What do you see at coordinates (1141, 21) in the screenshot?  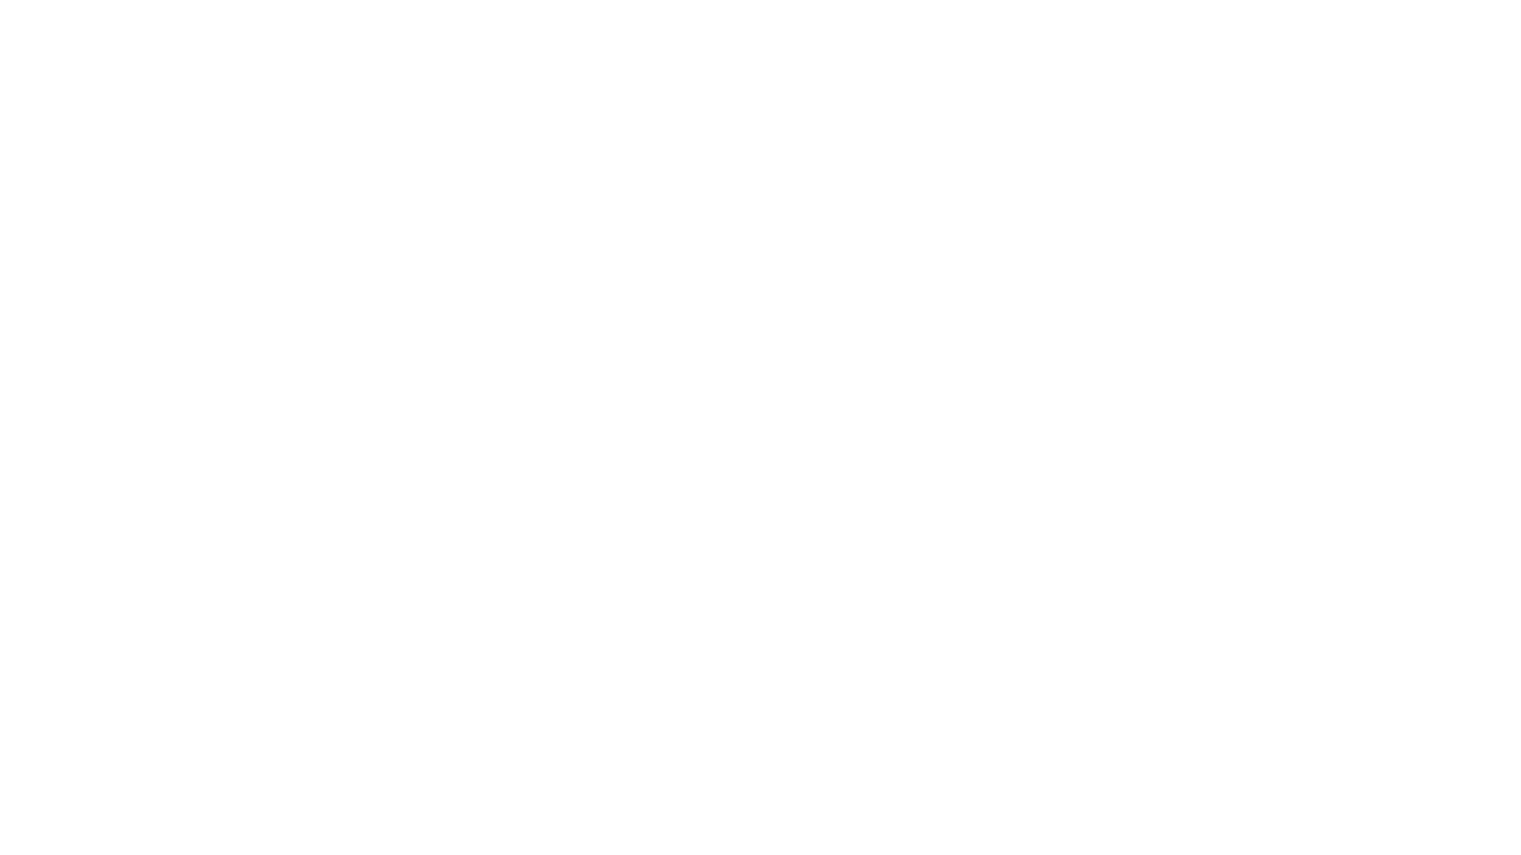 I see `Toggle Speed: Current Speed 1x` at bounding box center [1141, 21].